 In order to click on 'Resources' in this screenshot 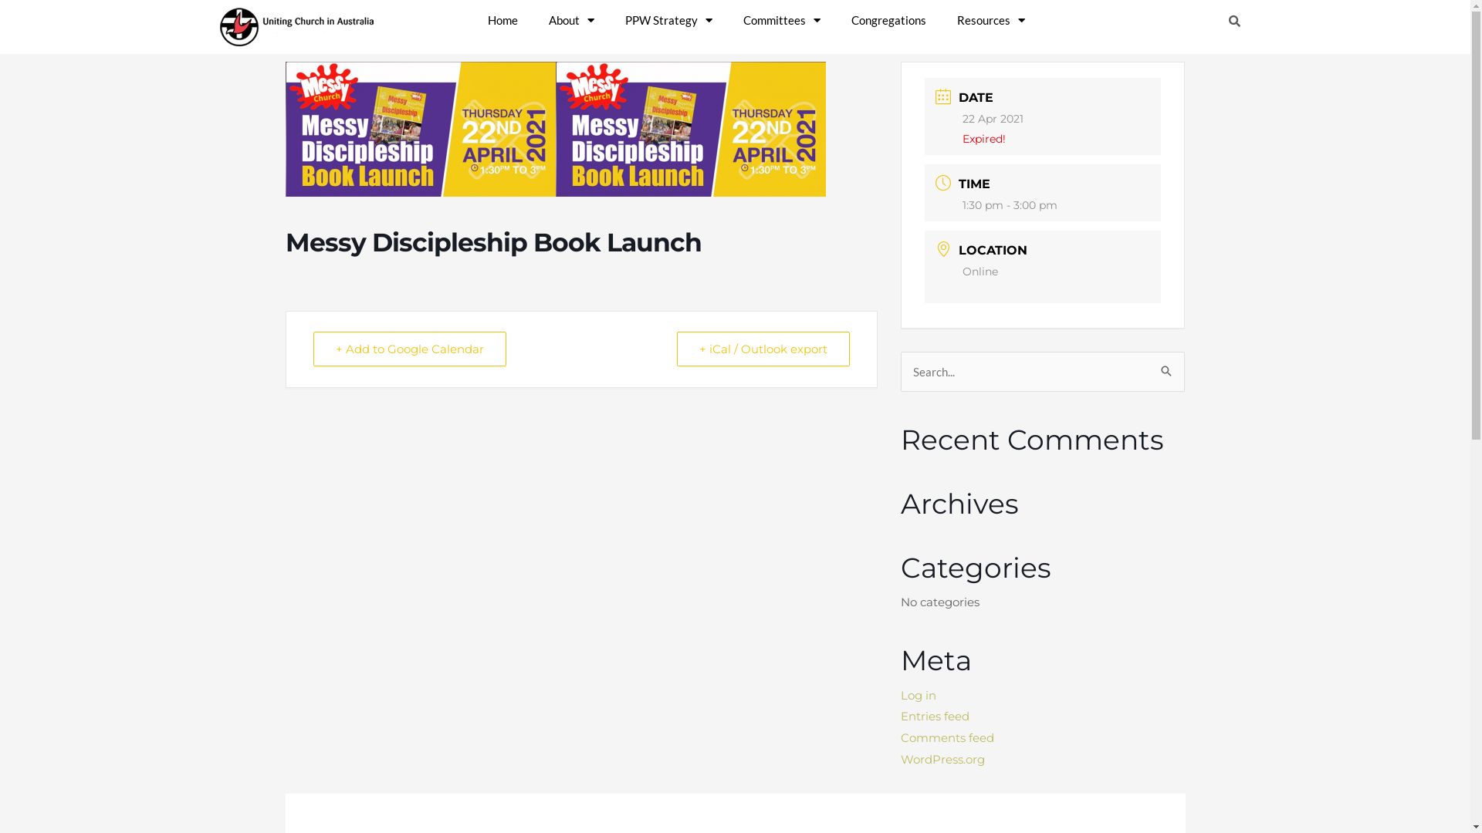, I will do `click(990, 20)`.